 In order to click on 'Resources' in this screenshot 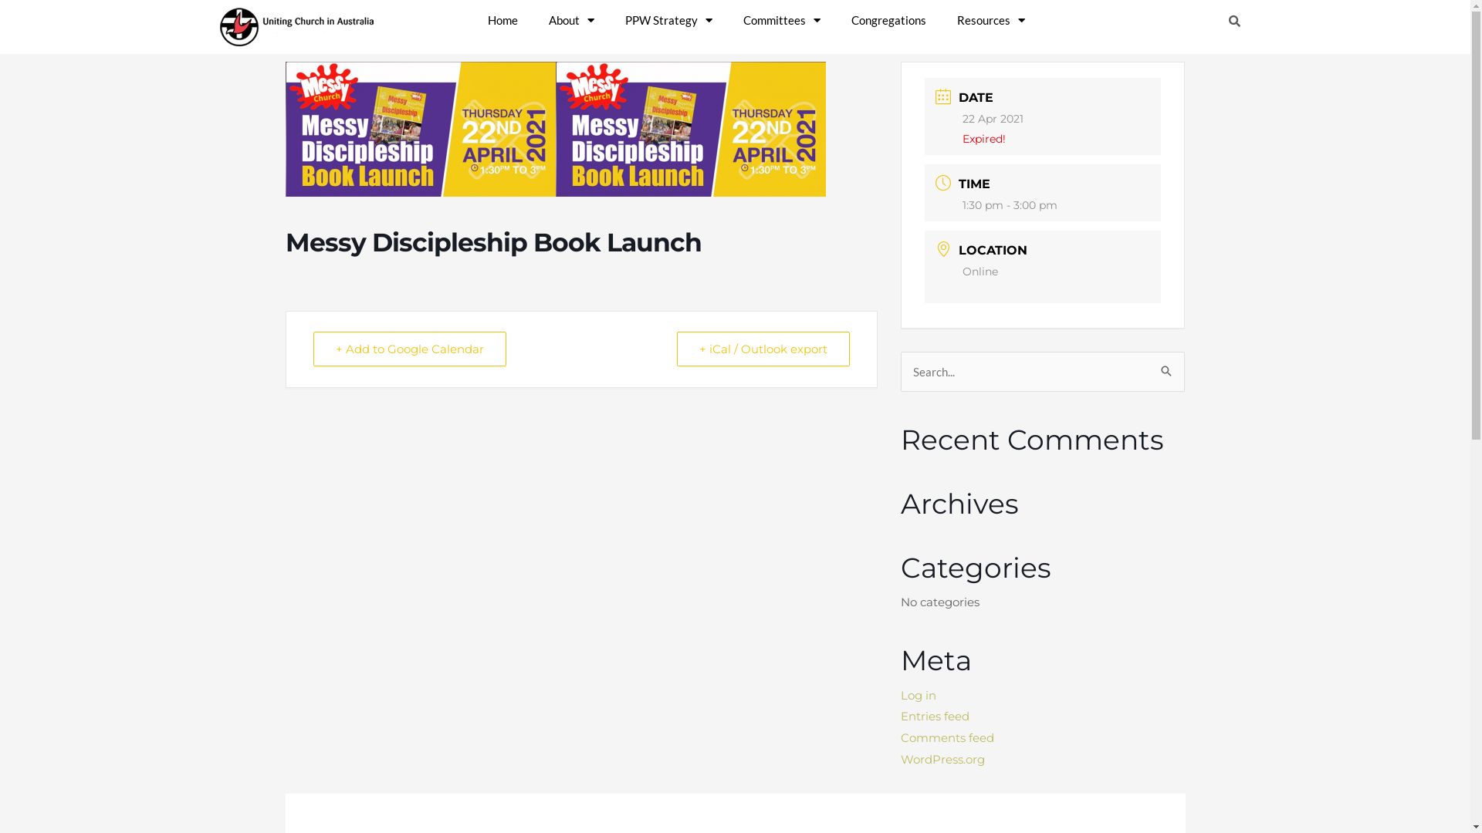, I will do `click(990, 20)`.